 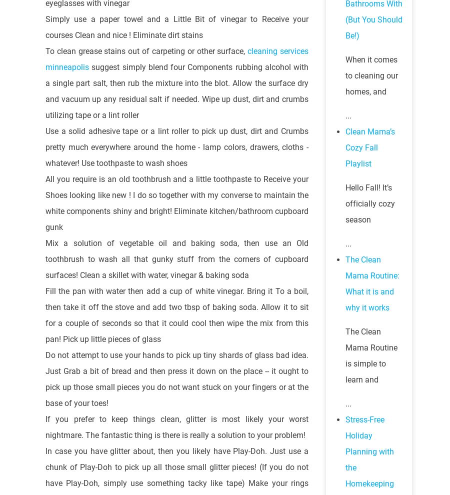 I want to click on 'When it comes to cleaning our homes, and', so click(x=371, y=75).